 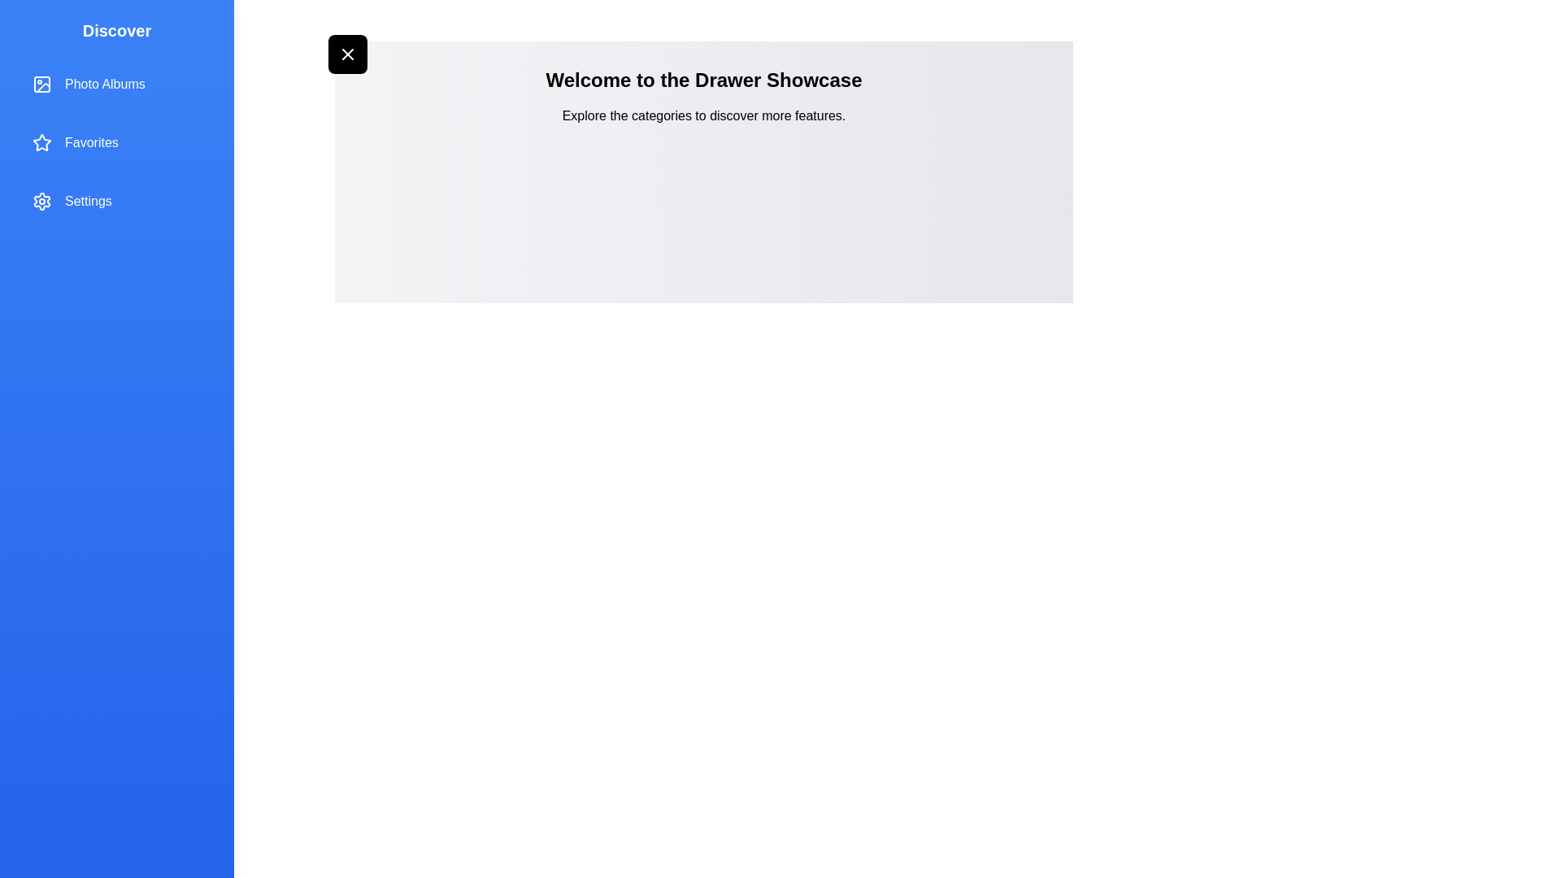 I want to click on the drawer item Favorites to observe the hover effect, so click(x=116, y=142).